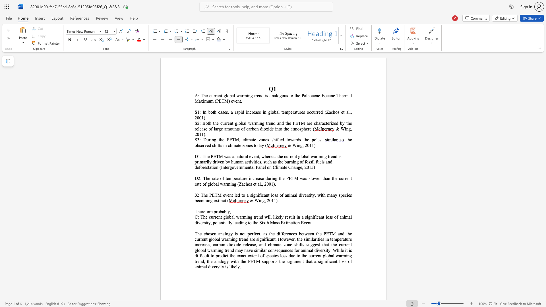 The width and height of the screenshot is (546, 307). Describe the element at coordinates (196, 250) in the screenshot. I see `the 4th character "g" in the text` at that location.